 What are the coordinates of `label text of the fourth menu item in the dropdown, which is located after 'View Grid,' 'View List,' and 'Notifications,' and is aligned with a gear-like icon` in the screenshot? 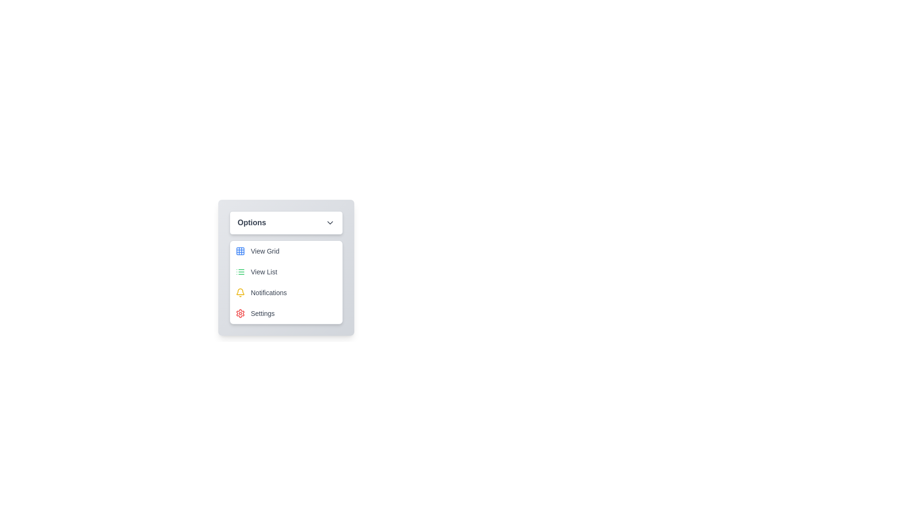 It's located at (263, 313).